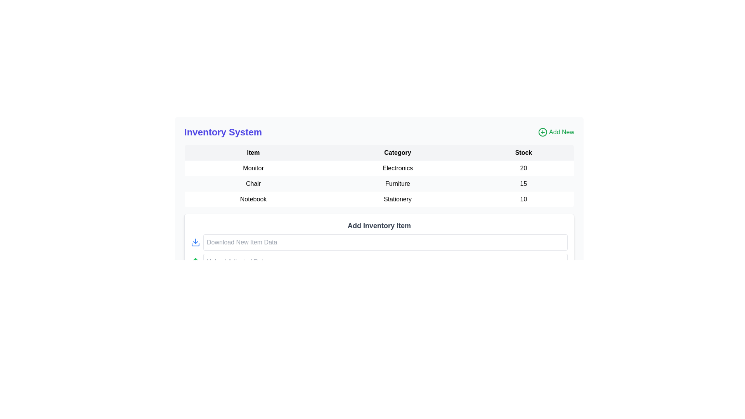 The image size is (745, 419). What do you see at coordinates (398, 199) in the screenshot?
I see `the 'Stationery' text label located in the second column under the 'Category' heading for the 'Notebook' item in the 'Inventory System' table` at bounding box center [398, 199].